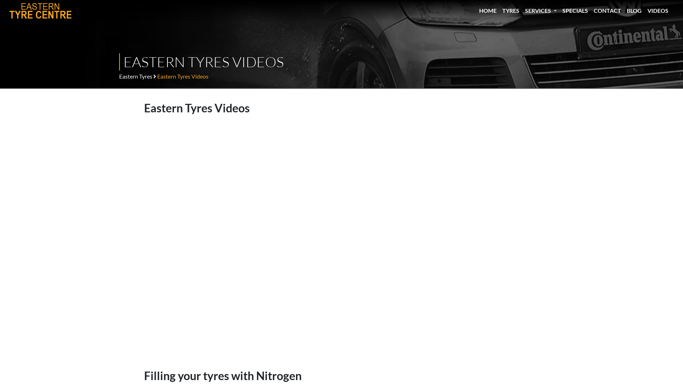  What do you see at coordinates (514, 11) in the screenshot?
I see `'TYRES'` at bounding box center [514, 11].